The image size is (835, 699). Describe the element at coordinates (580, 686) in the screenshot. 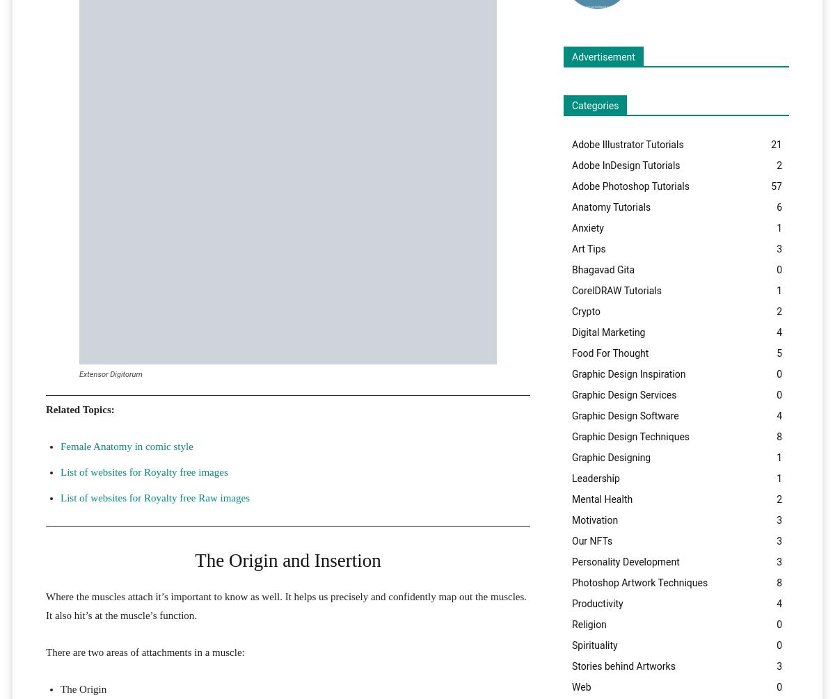

I see `'Web'` at that location.